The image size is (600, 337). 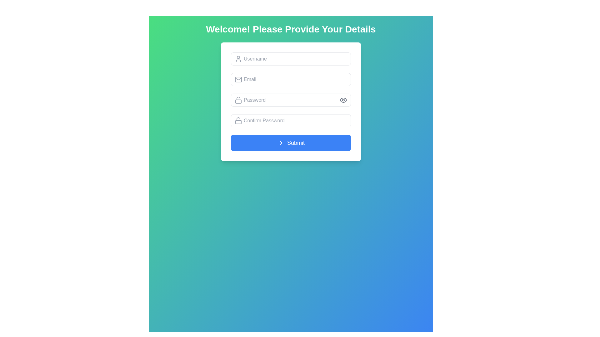 I want to click on the eye icon, so click(x=343, y=100).